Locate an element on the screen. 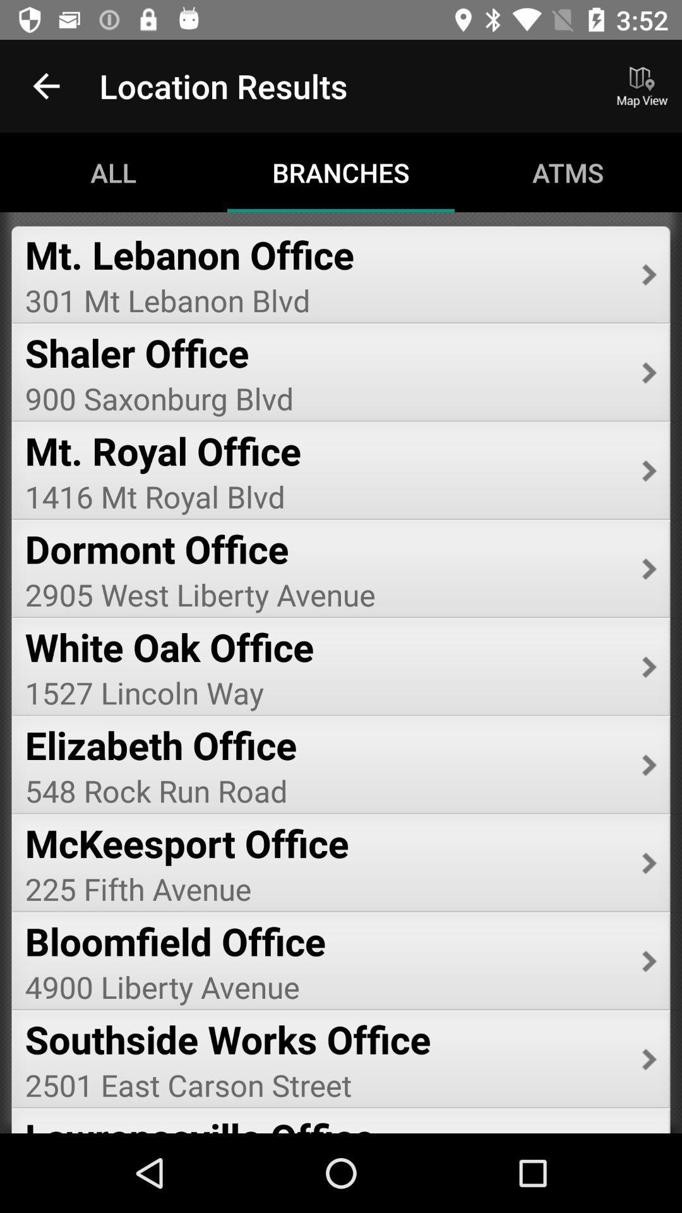 Image resolution: width=682 pixels, height=1213 pixels. the item to the left of the location results is located at coordinates (45, 85).